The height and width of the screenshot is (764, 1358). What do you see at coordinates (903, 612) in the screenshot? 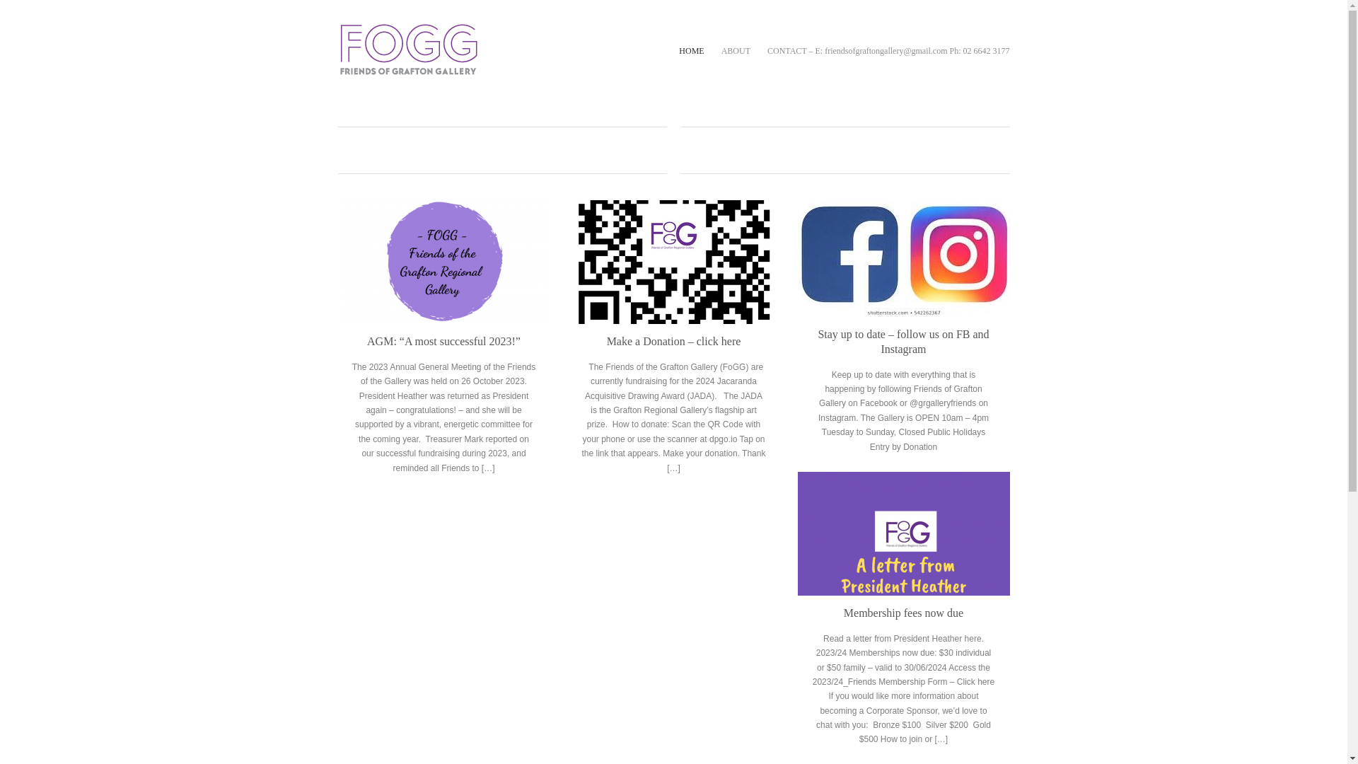
I see `'Membership fees now due'` at bounding box center [903, 612].